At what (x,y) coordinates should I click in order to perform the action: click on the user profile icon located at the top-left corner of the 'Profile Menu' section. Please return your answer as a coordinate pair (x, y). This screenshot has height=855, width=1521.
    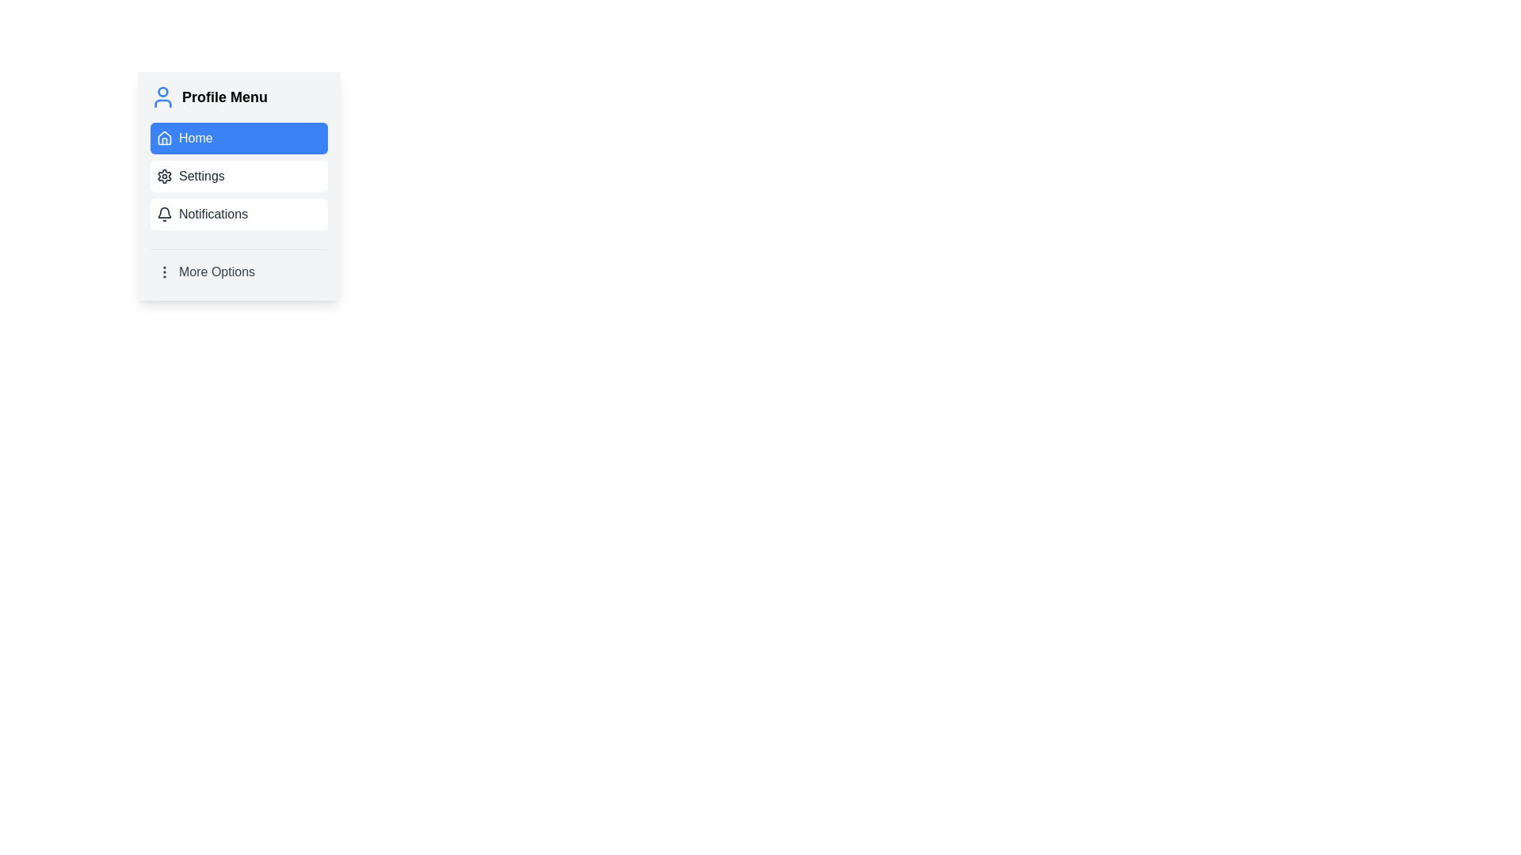
    Looking at the image, I should click on (163, 97).